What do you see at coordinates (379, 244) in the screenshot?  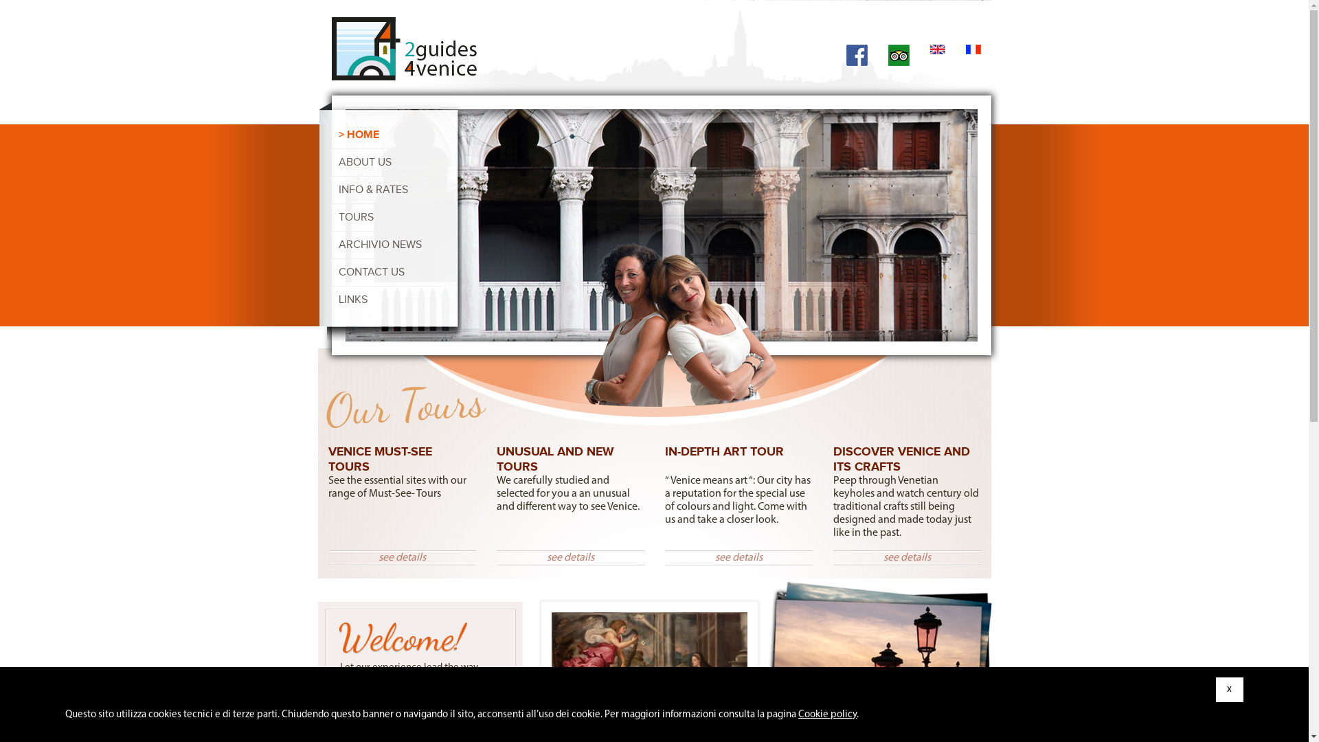 I see `'ARCHIVIO NEWS'` at bounding box center [379, 244].